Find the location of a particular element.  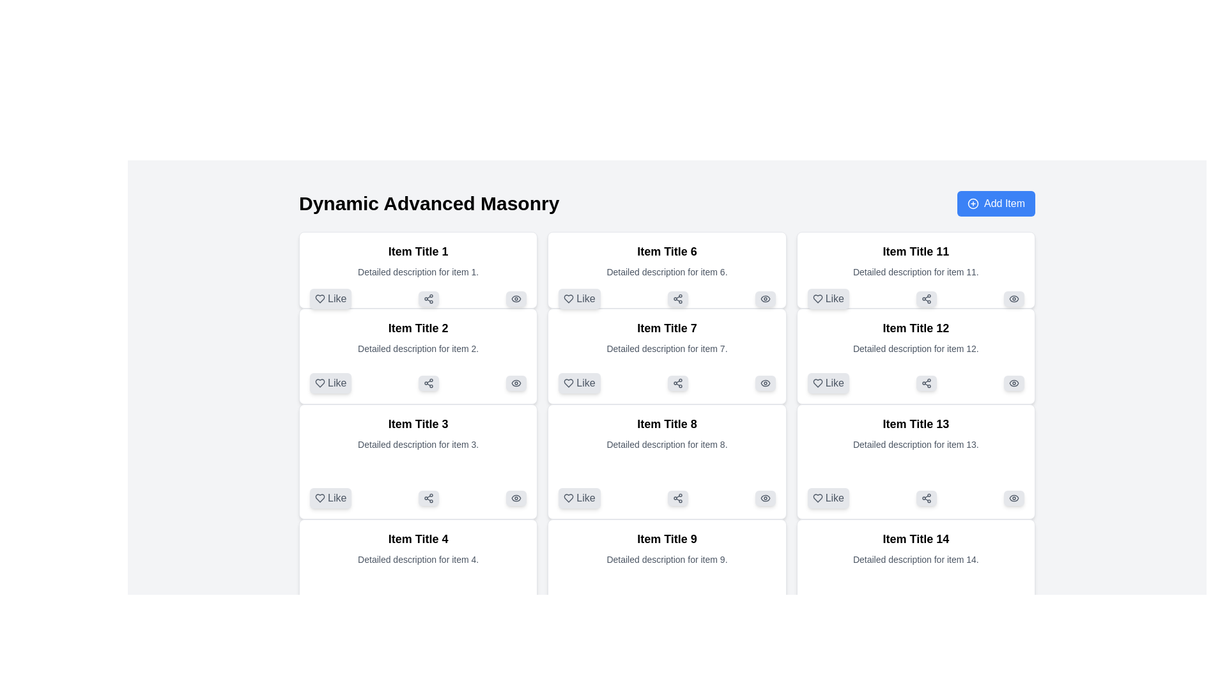

the text content element displaying the title and description of the item in the card located in the third column and second row of the masonry grid layout is located at coordinates (915, 260).